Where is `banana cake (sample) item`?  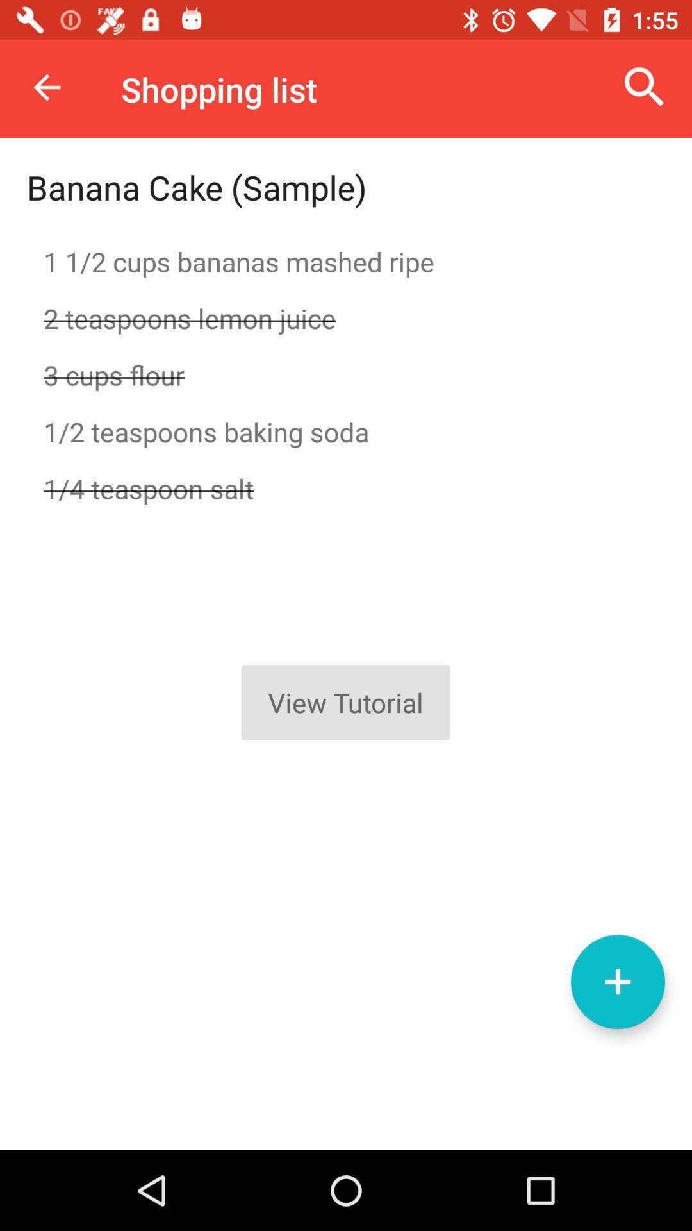
banana cake (sample) item is located at coordinates (197, 187).